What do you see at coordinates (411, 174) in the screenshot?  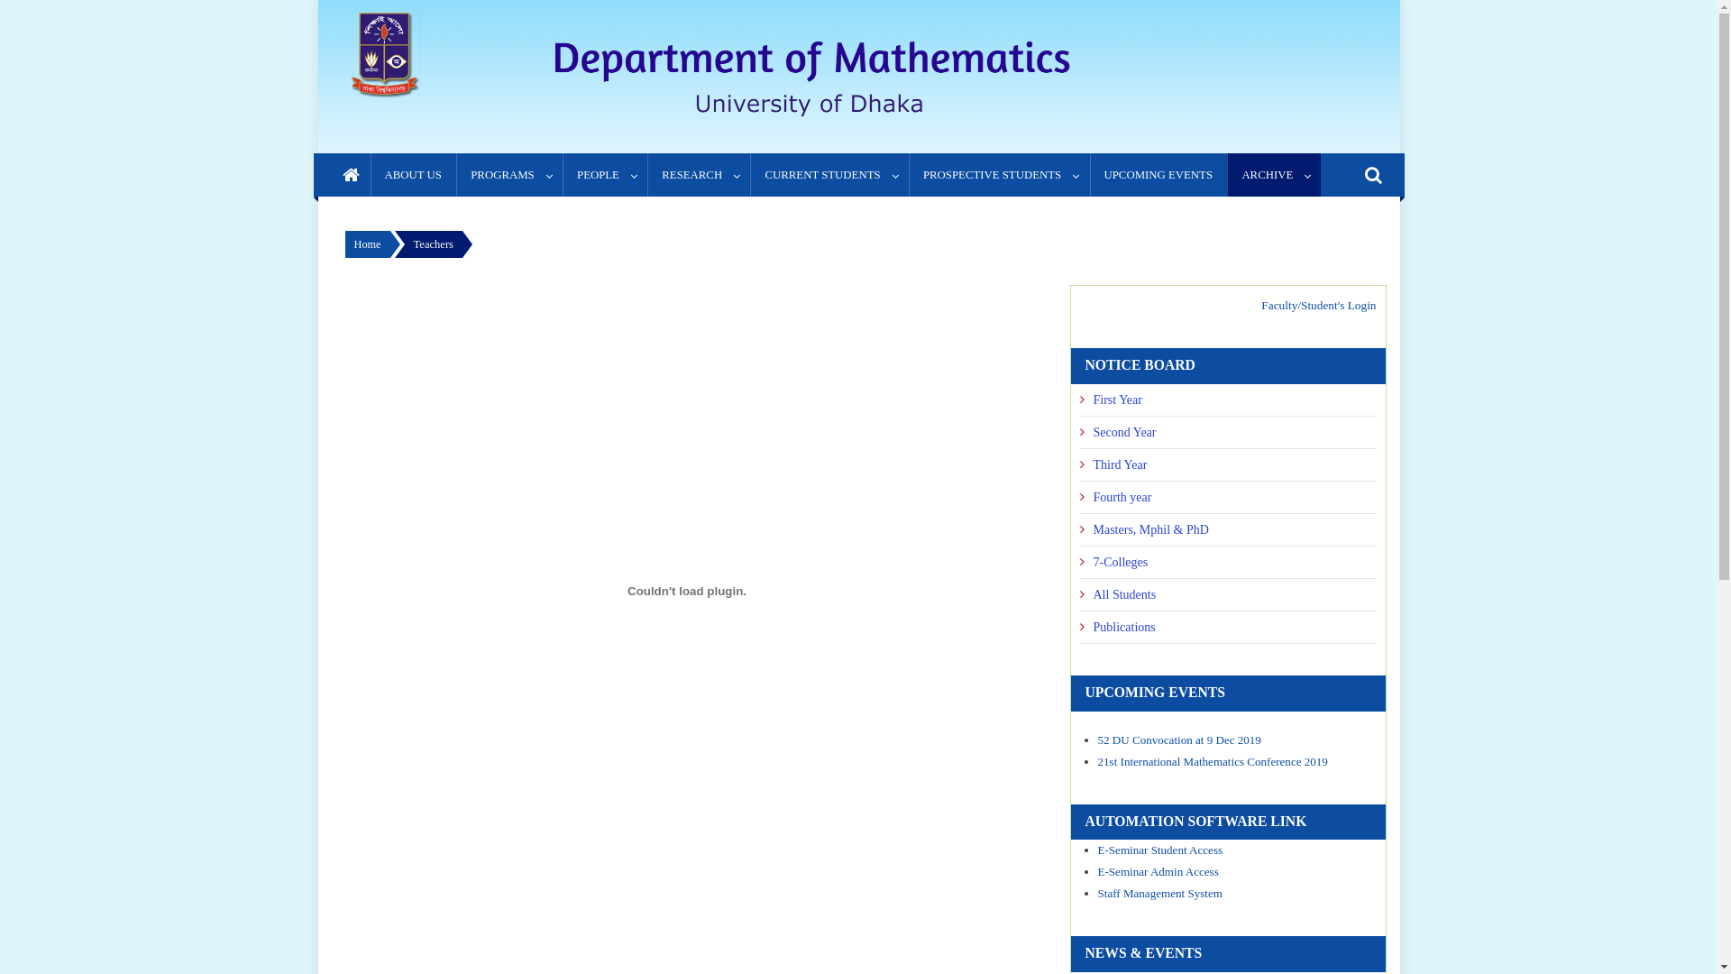 I see `'ABOUT US'` at bounding box center [411, 174].